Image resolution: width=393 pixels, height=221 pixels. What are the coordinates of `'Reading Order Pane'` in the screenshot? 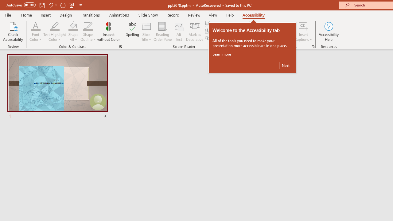 It's located at (162, 32).